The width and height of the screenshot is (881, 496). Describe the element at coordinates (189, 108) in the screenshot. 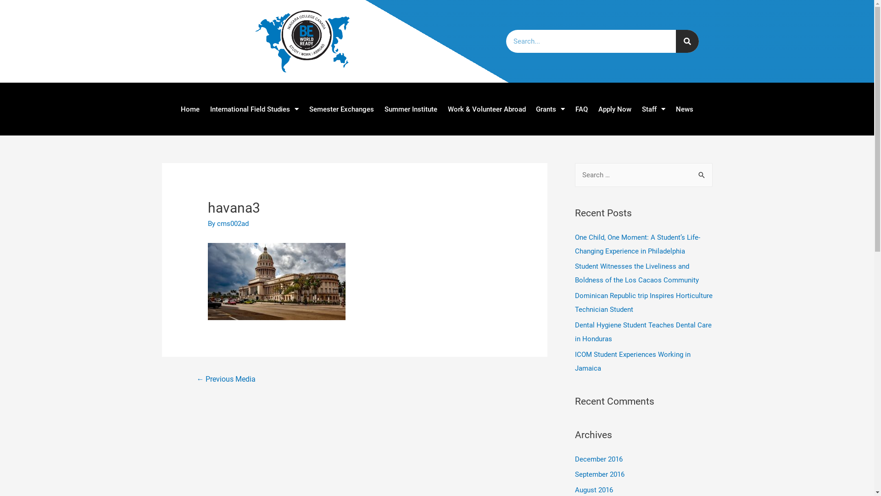

I see `'Home'` at that location.